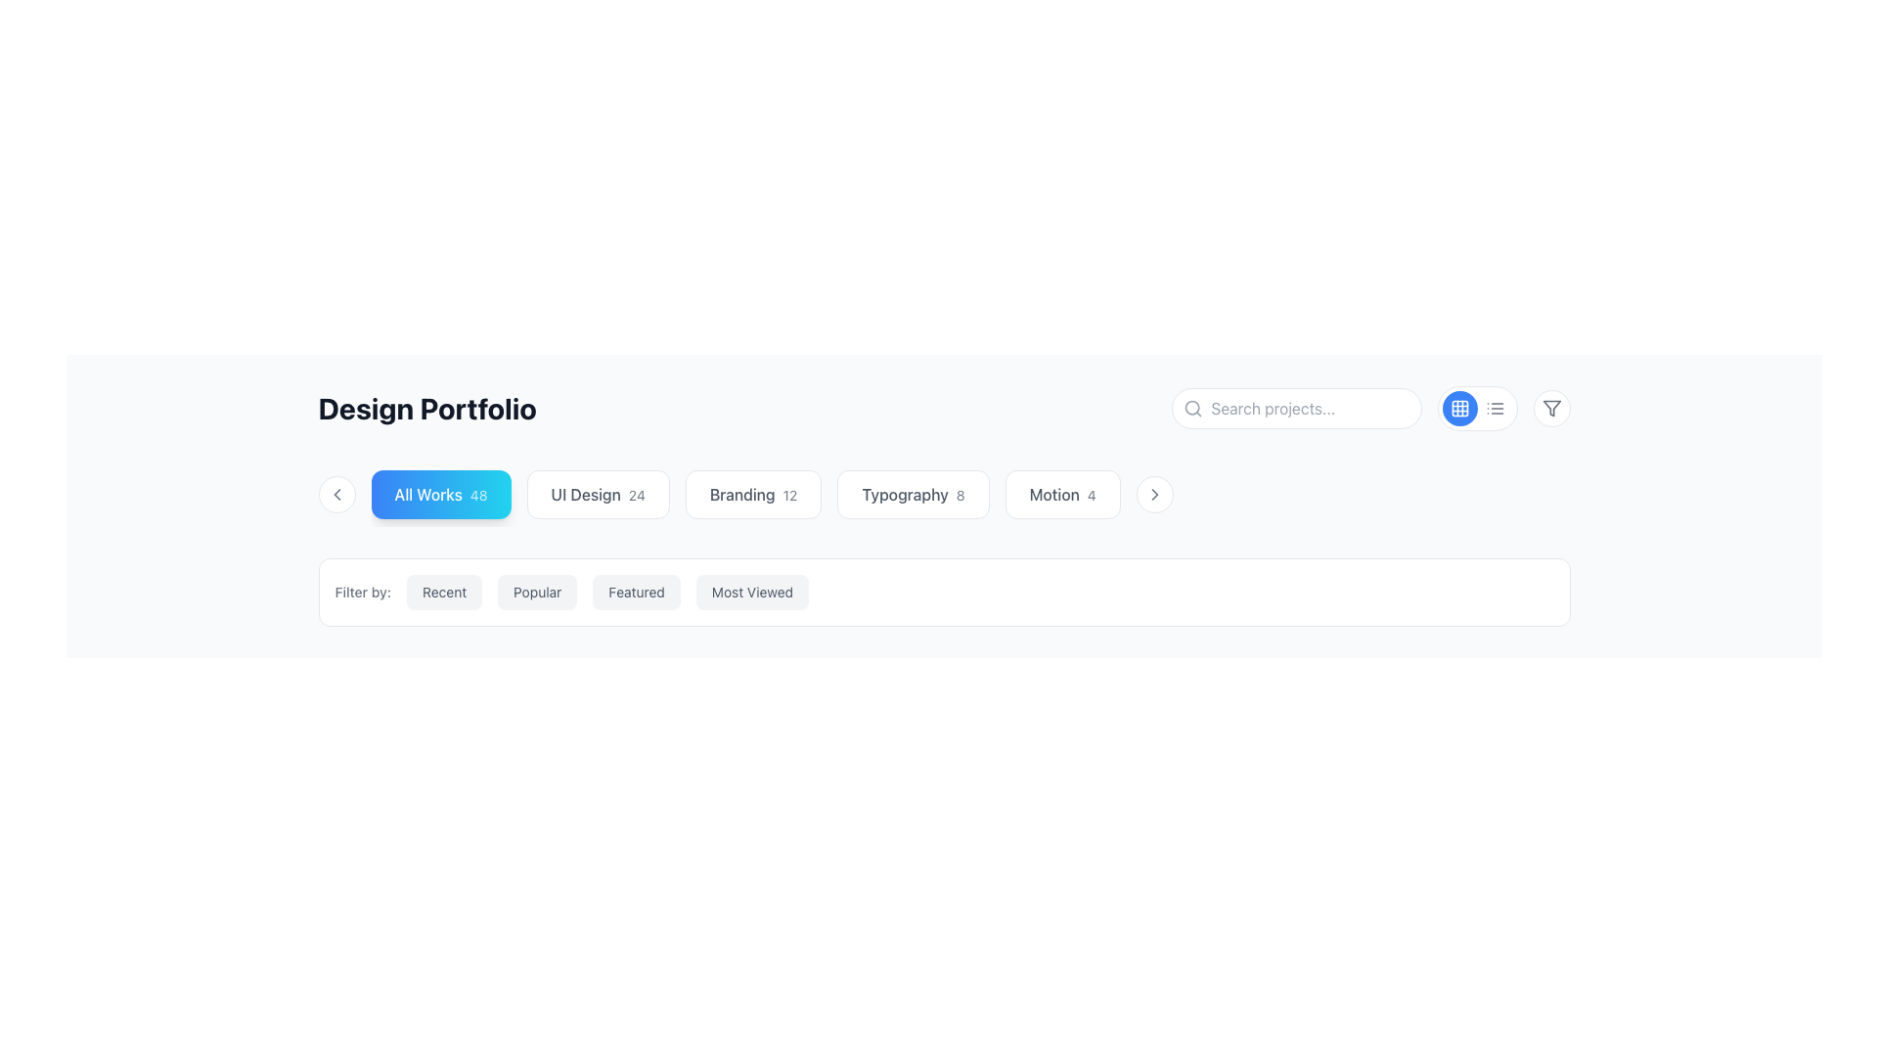 The width and height of the screenshot is (1878, 1056). I want to click on the 'Motion' text label within the button component that categorizes content, located at the center of the page and situated to the right of other category buttons, so click(1053, 493).